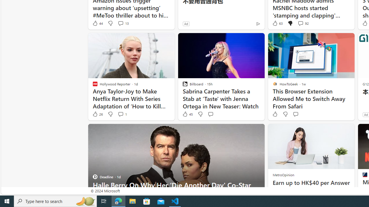  What do you see at coordinates (123, 23) in the screenshot?
I see `'View comments 13 Comment'` at bounding box center [123, 23].